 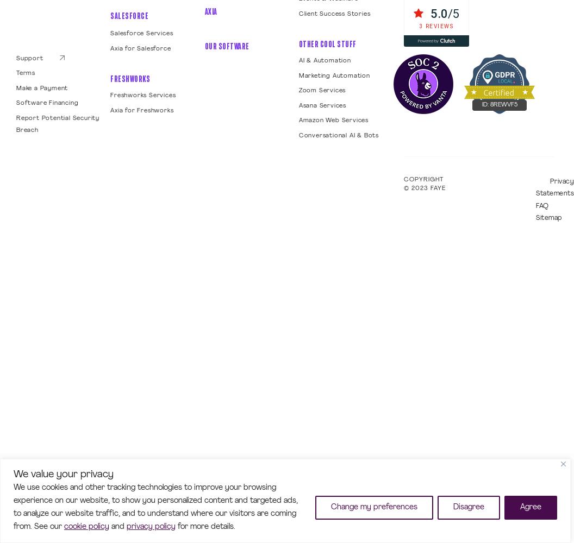 I want to click on 'Software Financing', so click(x=16, y=103).